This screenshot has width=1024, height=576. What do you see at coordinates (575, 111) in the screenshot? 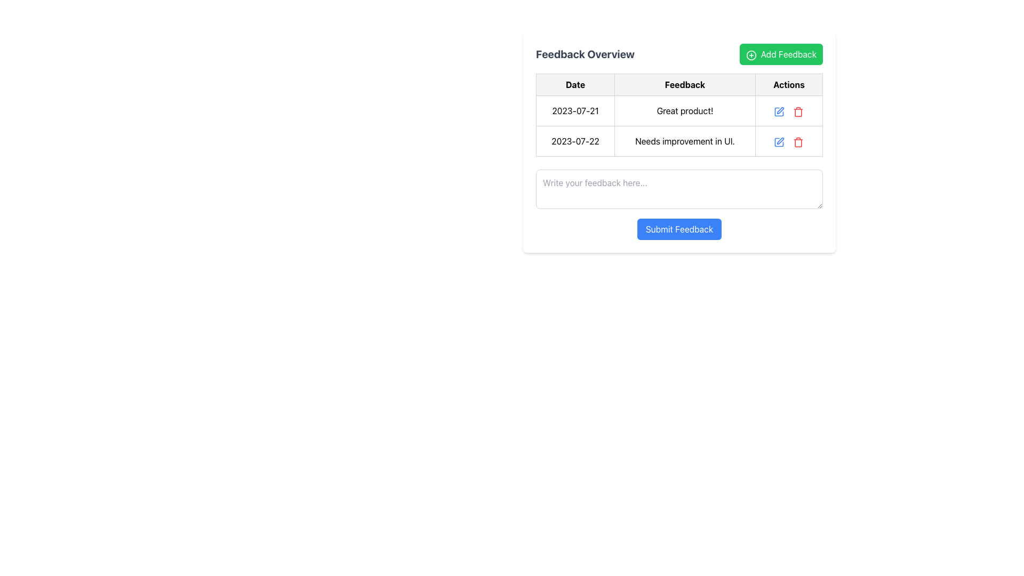
I see `the static text field displaying the date of the feedback entry, which is located in the first row under the 'Date' column in the 'Feedback Overview' section` at bounding box center [575, 111].